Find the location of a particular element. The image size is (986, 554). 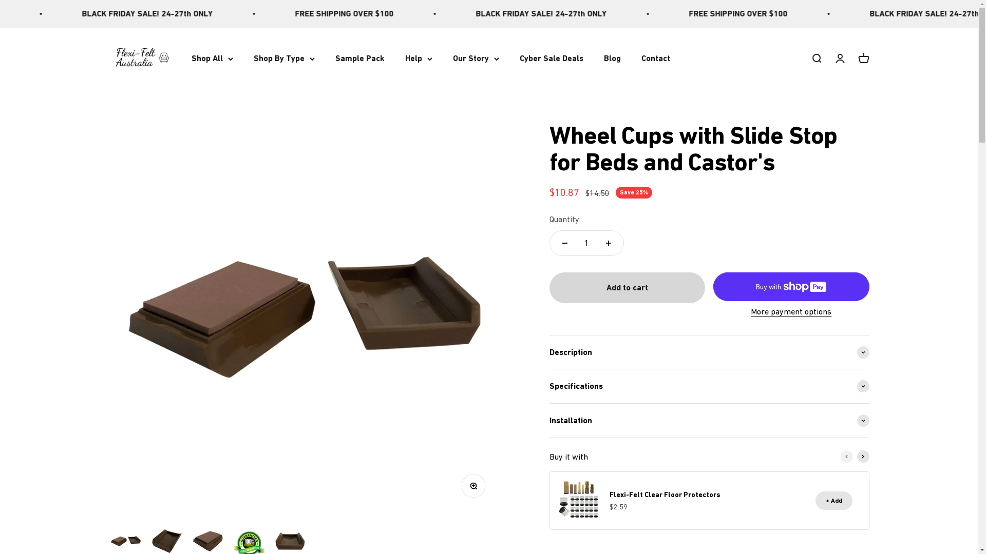

'Zoom' is located at coordinates (475, 488).